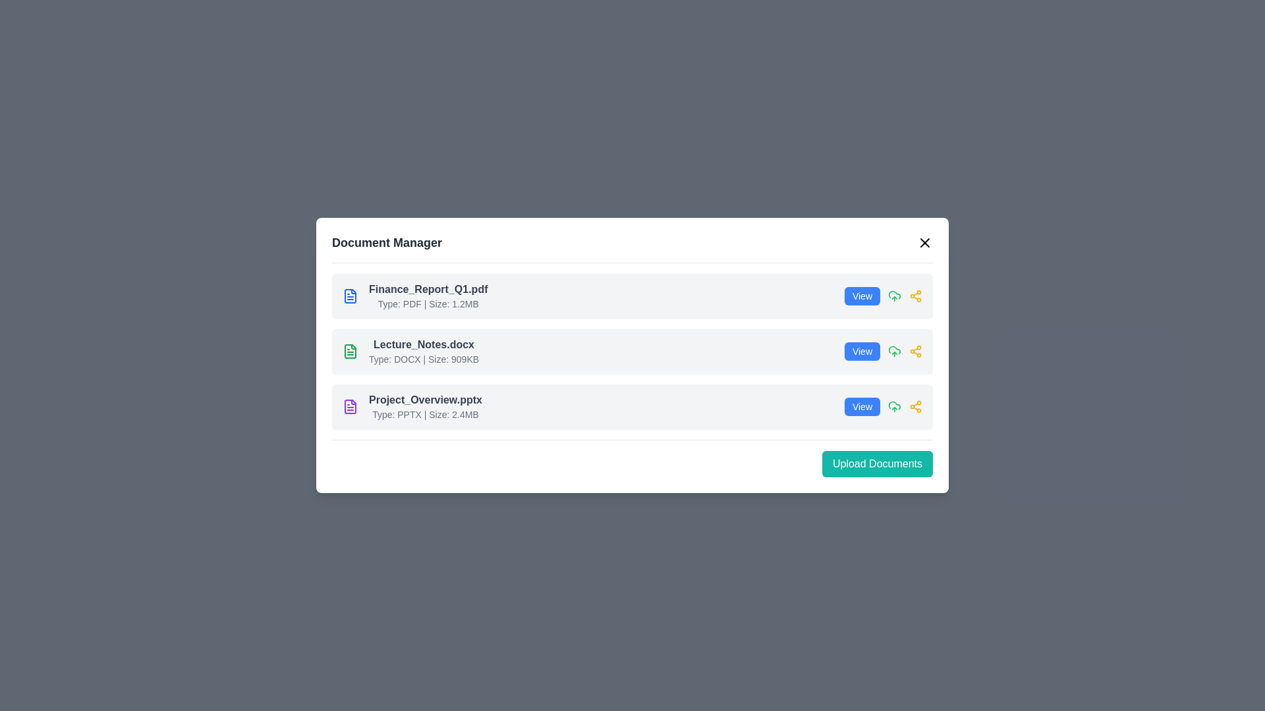 This screenshot has height=711, width=1265. What do you see at coordinates (862, 406) in the screenshot?
I see `the button associated with the document entry 'Project_Overview.pptx'` at bounding box center [862, 406].